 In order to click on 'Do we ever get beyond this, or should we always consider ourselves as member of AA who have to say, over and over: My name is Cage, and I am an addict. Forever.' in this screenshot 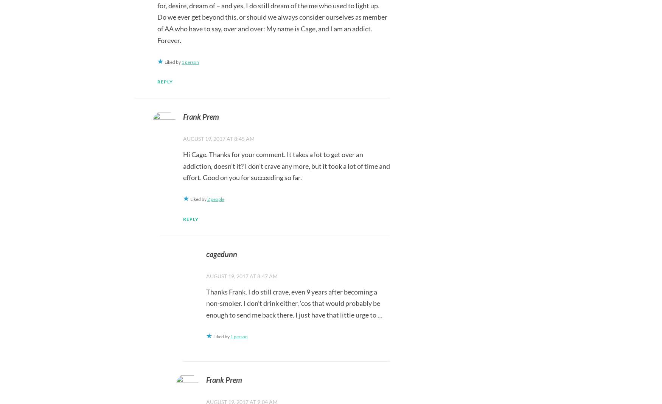, I will do `click(272, 28)`.